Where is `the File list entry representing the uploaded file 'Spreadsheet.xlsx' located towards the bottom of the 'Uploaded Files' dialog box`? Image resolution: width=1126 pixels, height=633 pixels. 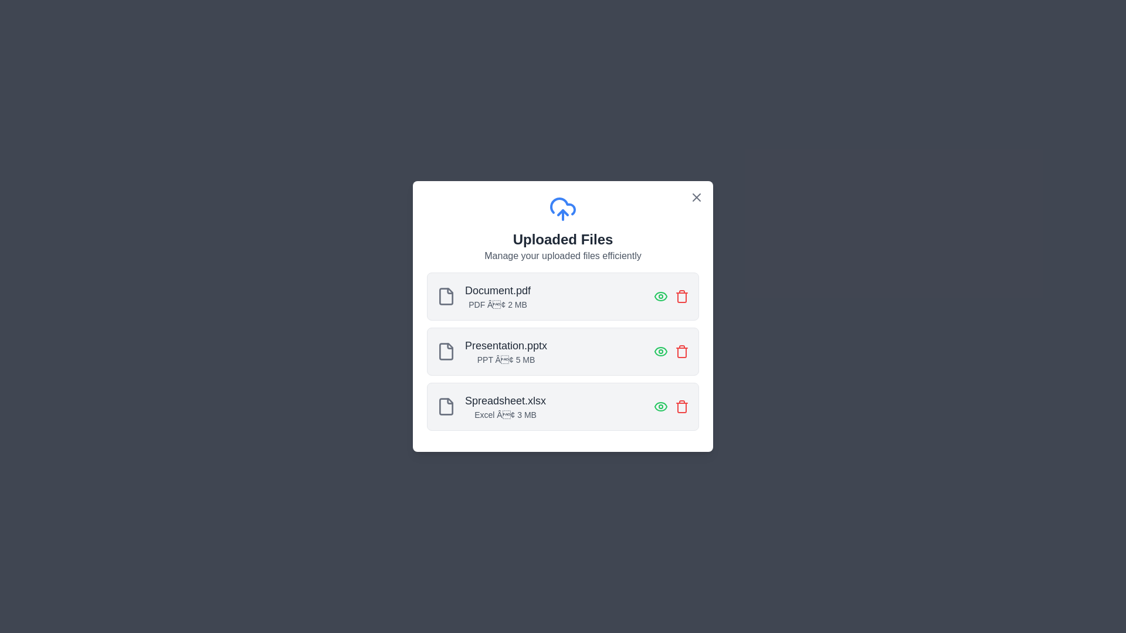
the File list entry representing the uploaded file 'Spreadsheet.xlsx' located towards the bottom of the 'Uploaded Files' dialog box is located at coordinates (491, 406).